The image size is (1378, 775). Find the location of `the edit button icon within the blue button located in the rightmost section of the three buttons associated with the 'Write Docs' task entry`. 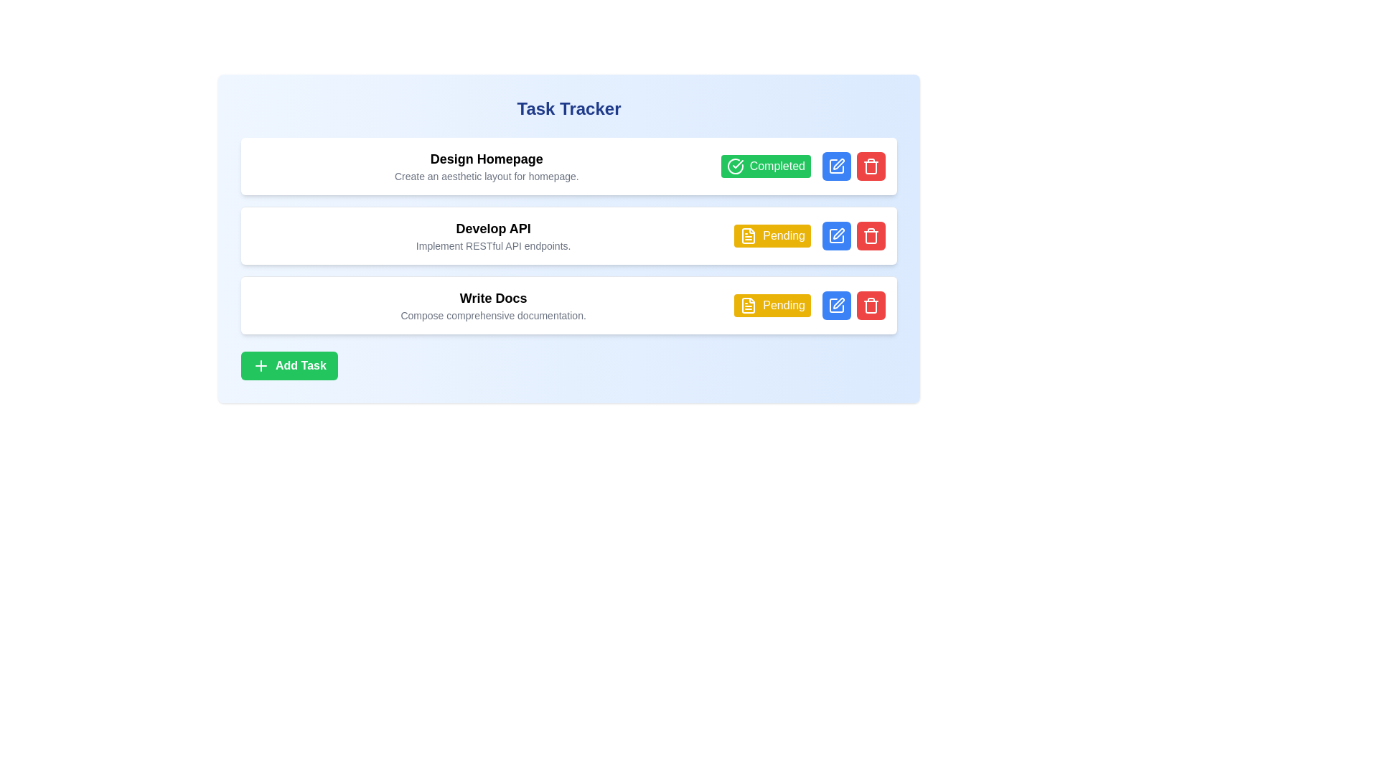

the edit button icon within the blue button located in the rightmost section of the three buttons associated with the 'Write Docs' task entry is located at coordinates (837, 304).